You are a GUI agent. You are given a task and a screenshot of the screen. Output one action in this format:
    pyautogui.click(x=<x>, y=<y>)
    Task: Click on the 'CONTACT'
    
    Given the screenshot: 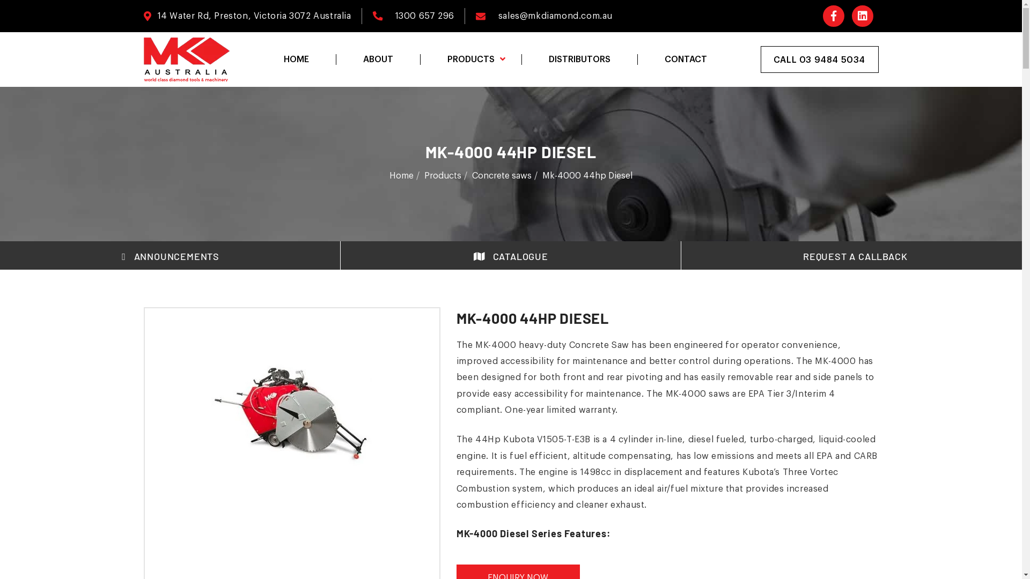 What is the action you would take?
    pyautogui.click(x=637, y=60)
    